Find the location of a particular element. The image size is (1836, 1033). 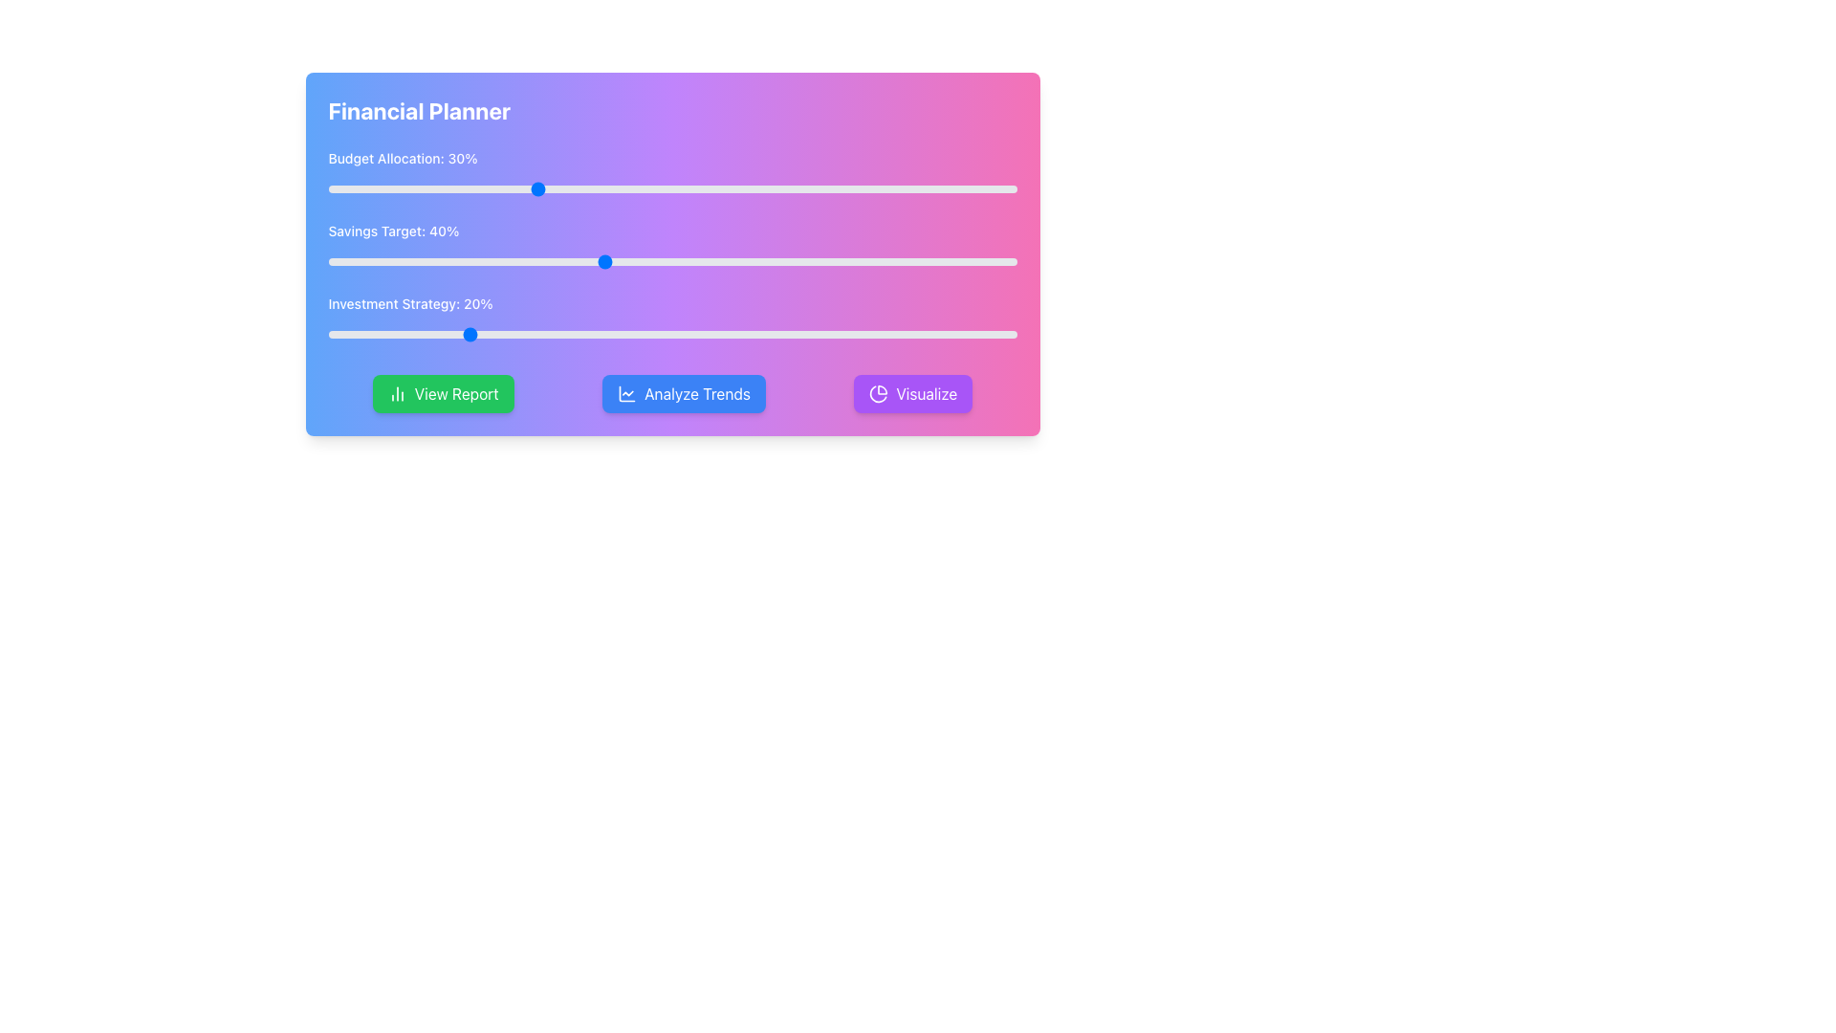

the Graphical Icon depicting a line chart, which is located within the 'Analyze Trends' button at the center coordinates is located at coordinates (627, 393).